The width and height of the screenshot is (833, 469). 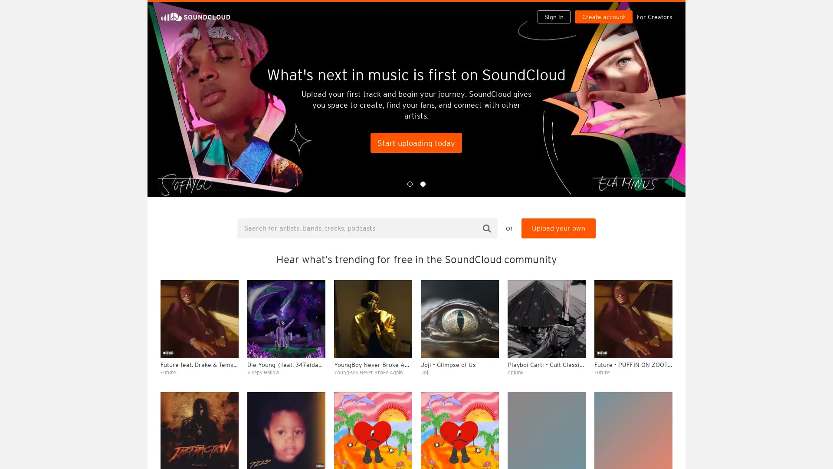 I want to click on Search, so click(x=526, y=10).